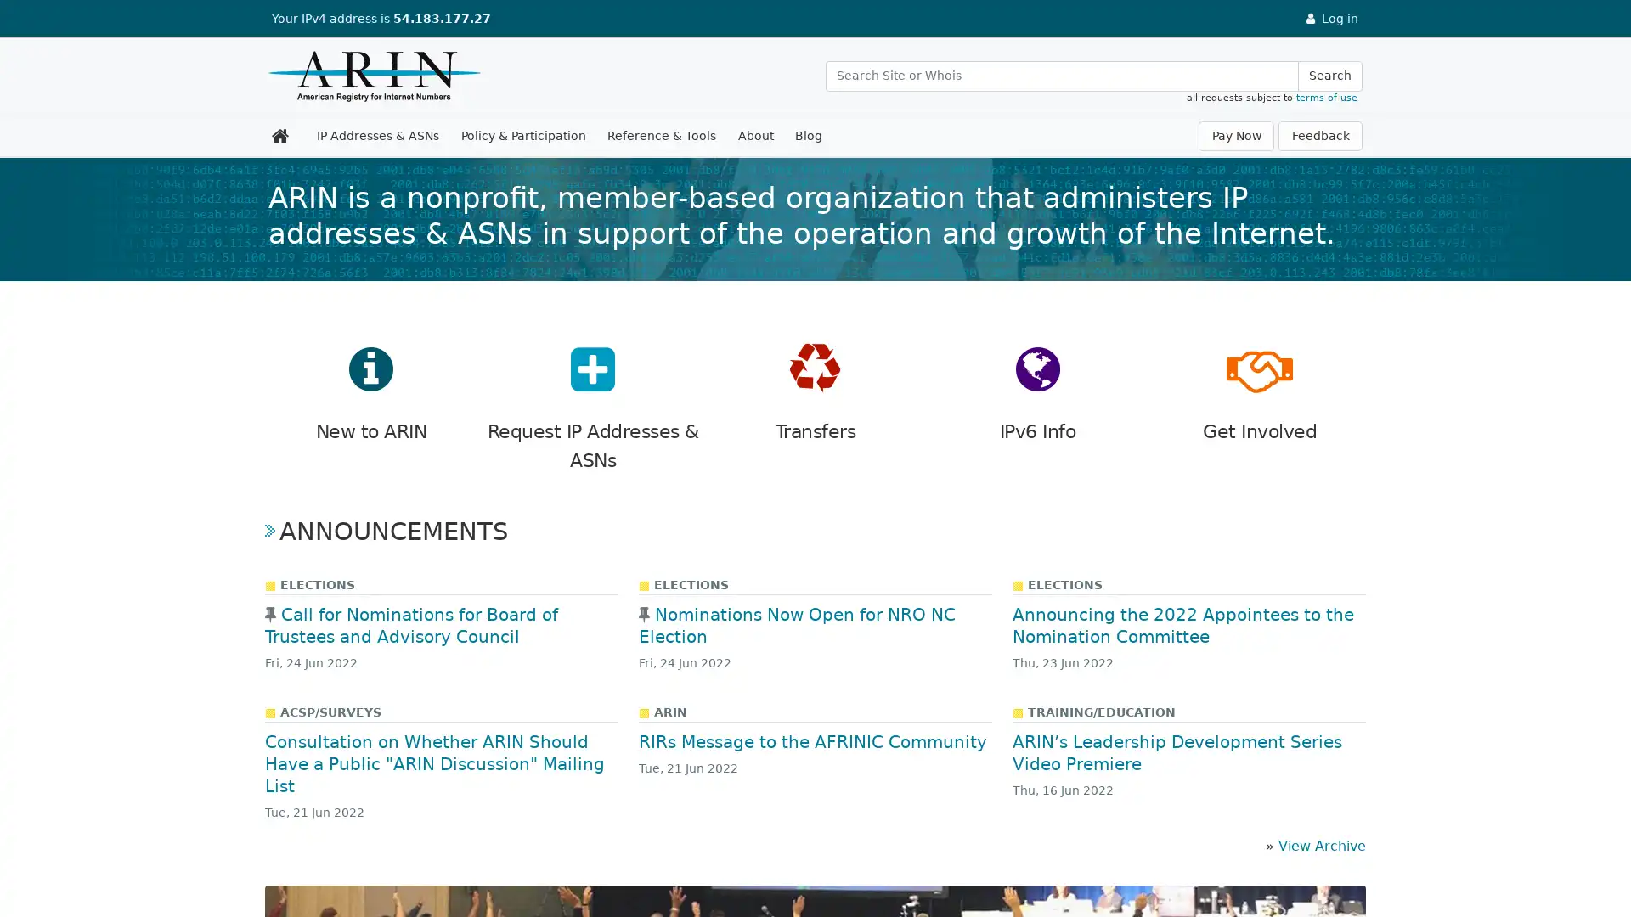  What do you see at coordinates (1319, 134) in the screenshot?
I see `Feedback` at bounding box center [1319, 134].